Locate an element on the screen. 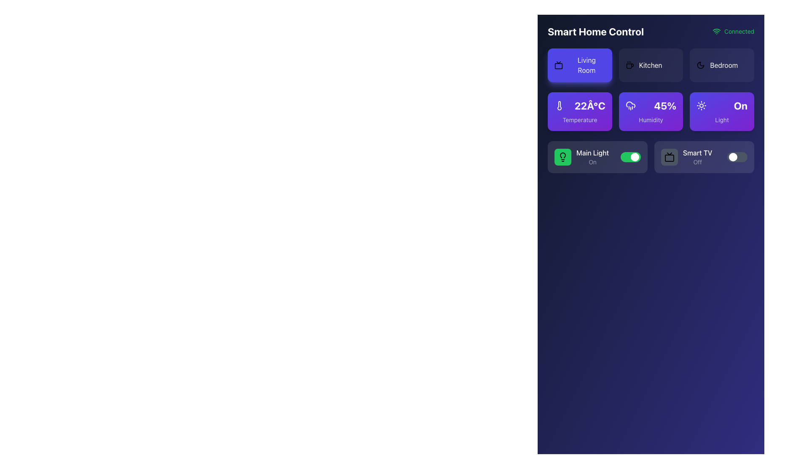 This screenshot has height=455, width=809. the cloud icon with raindrops, which is located in the card labeled '45%' within the 'Smart Home Control' interface, positioned on the left side of the '45%' text is located at coordinates (630, 105).